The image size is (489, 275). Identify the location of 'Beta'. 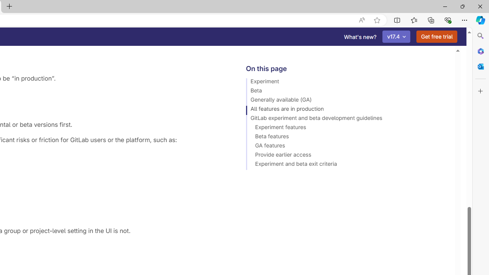
(347, 91).